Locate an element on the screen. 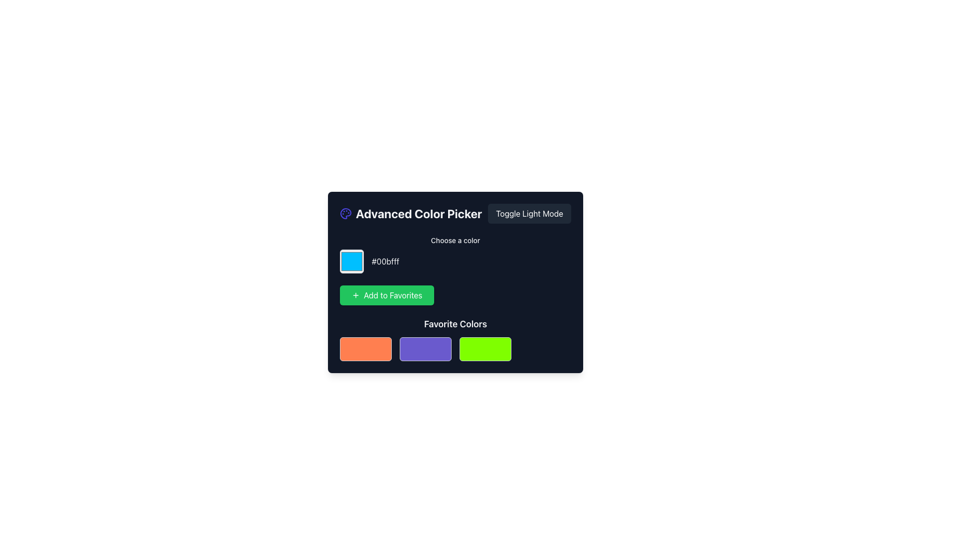 The image size is (957, 538). text from the header displaying 'Advanced Color Picker' with a palette icon to its left is located at coordinates (411, 213).